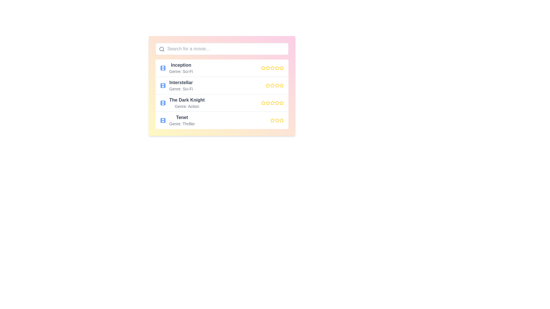 Image resolution: width=550 pixels, height=309 pixels. What do you see at coordinates (187, 100) in the screenshot?
I see `title of the movie entry displayed in the text label, which is positioned in the third row of the movie selection interface` at bounding box center [187, 100].